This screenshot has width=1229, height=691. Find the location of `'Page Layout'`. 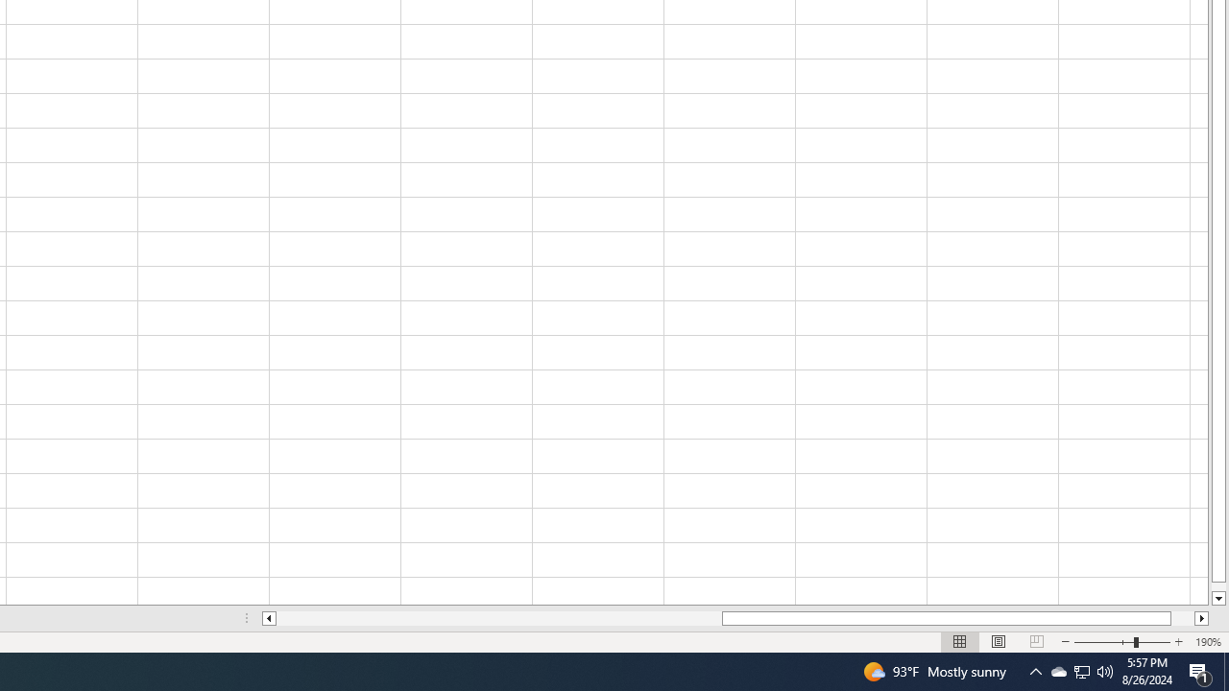

'Page Layout' is located at coordinates (999, 642).